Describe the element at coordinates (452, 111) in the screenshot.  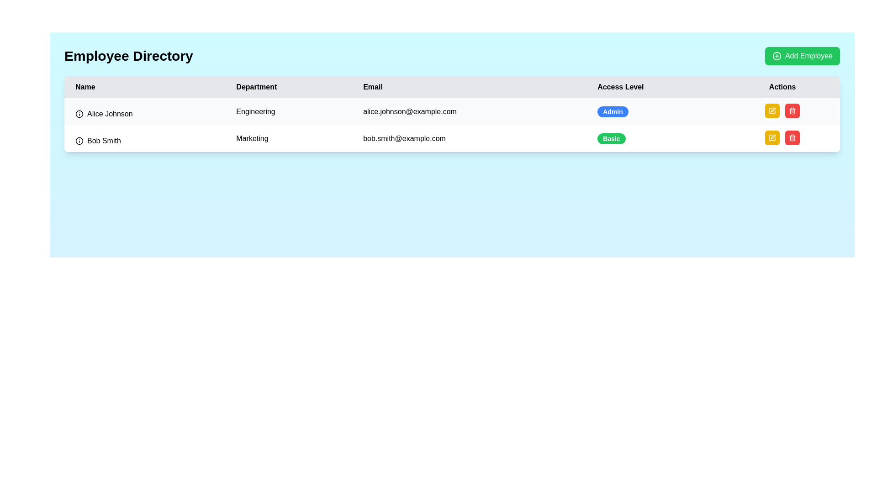
I see `the first row of the employee table that displays details for 'Alice Johnson', including her department, email, access level, and actions` at that location.